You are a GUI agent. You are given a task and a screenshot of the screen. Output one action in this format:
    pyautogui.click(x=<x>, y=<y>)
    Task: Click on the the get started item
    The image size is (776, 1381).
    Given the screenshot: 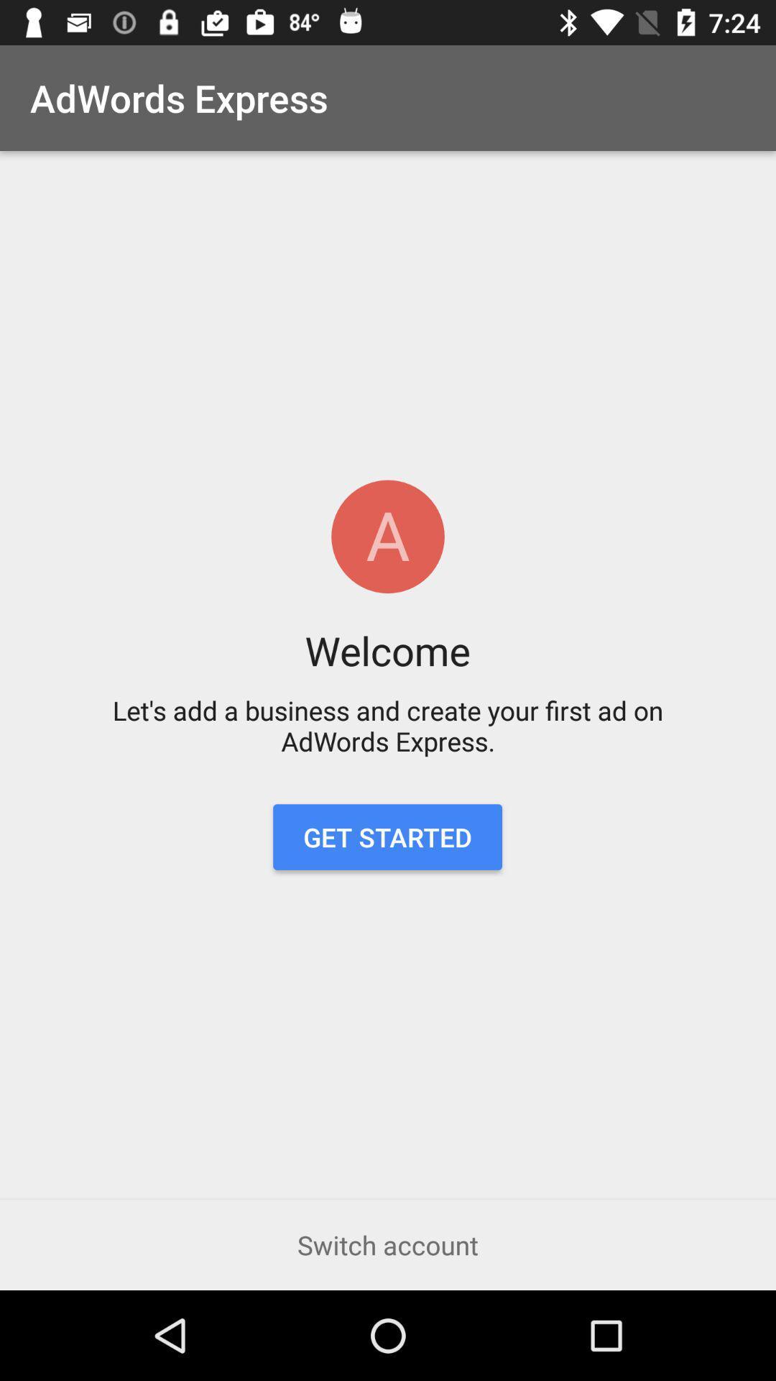 What is the action you would take?
    pyautogui.click(x=387, y=837)
    